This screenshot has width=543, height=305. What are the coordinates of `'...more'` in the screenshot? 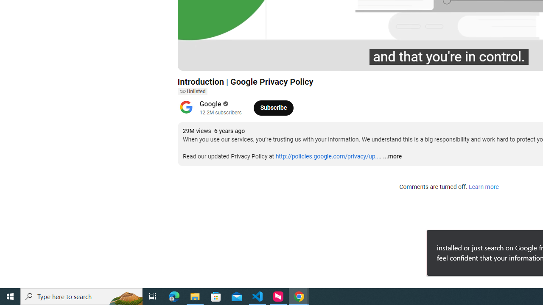 It's located at (392, 157).